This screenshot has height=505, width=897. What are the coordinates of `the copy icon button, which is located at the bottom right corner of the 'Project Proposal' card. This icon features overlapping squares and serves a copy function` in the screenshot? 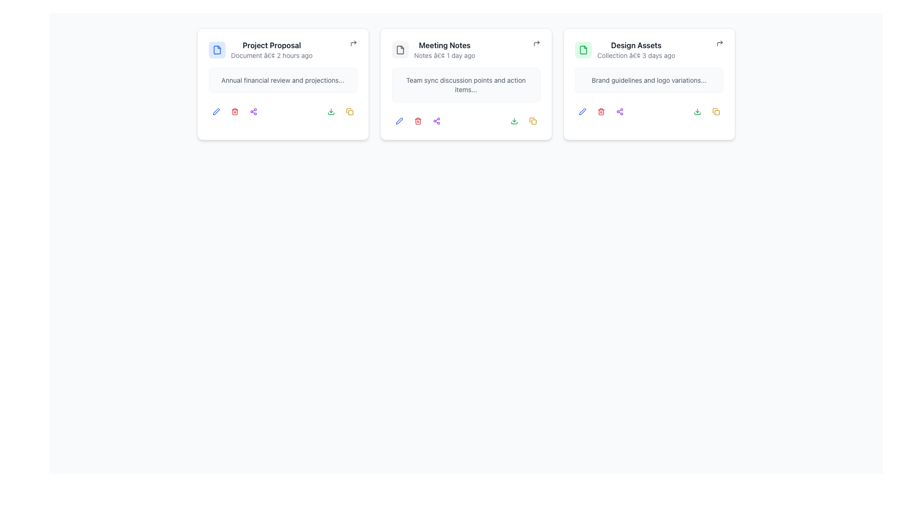 It's located at (349, 111).